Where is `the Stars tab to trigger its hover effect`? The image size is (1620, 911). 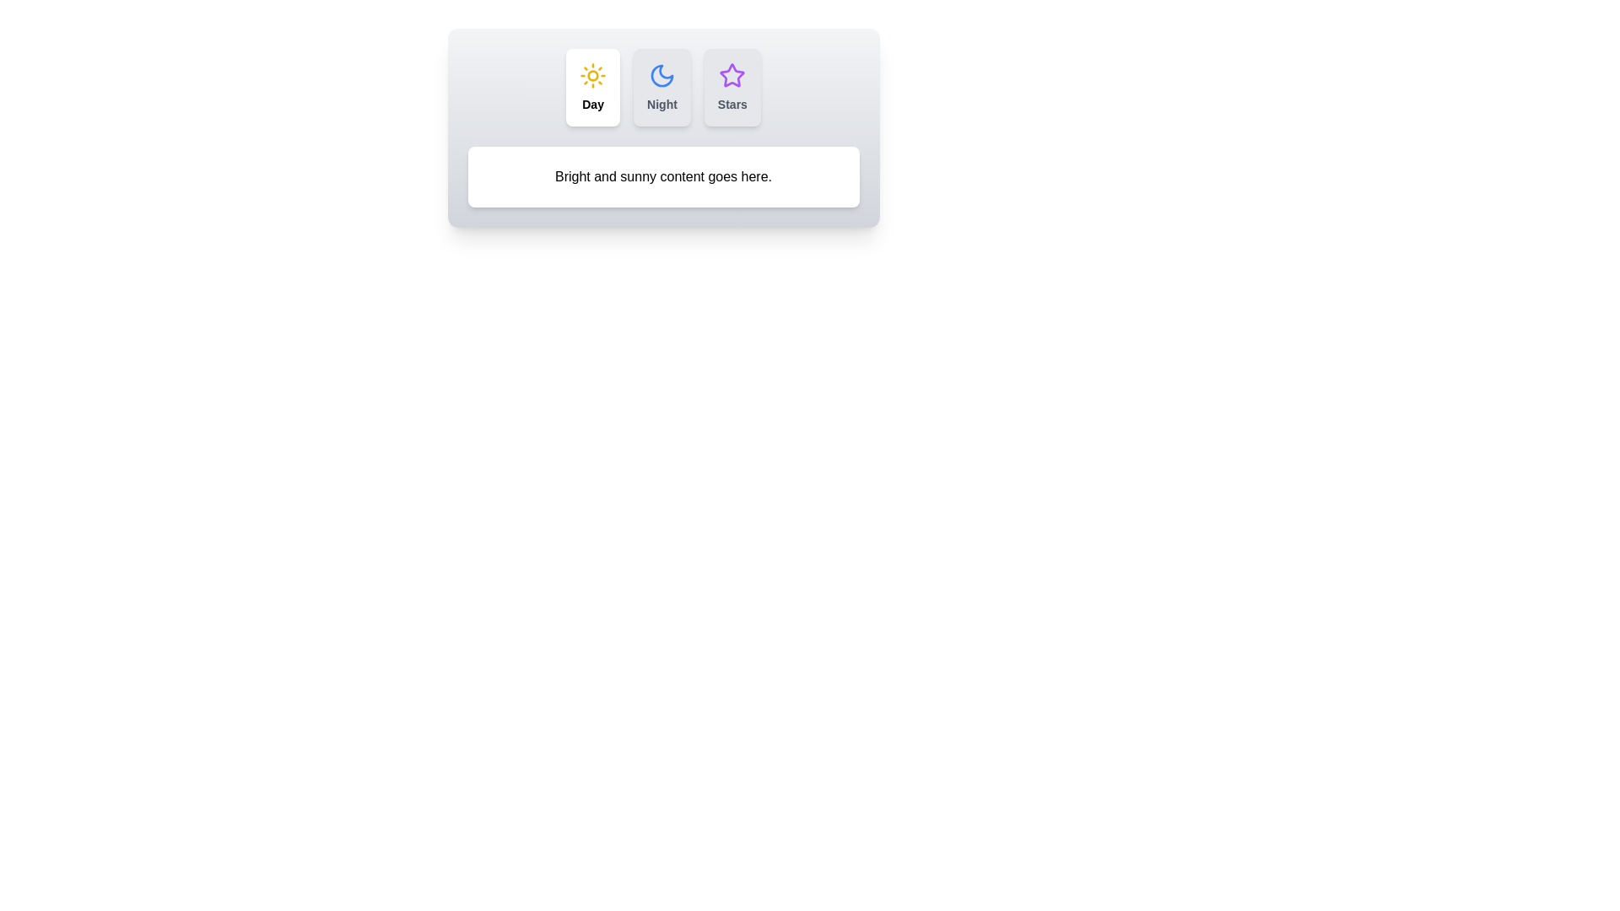
the Stars tab to trigger its hover effect is located at coordinates (732, 88).